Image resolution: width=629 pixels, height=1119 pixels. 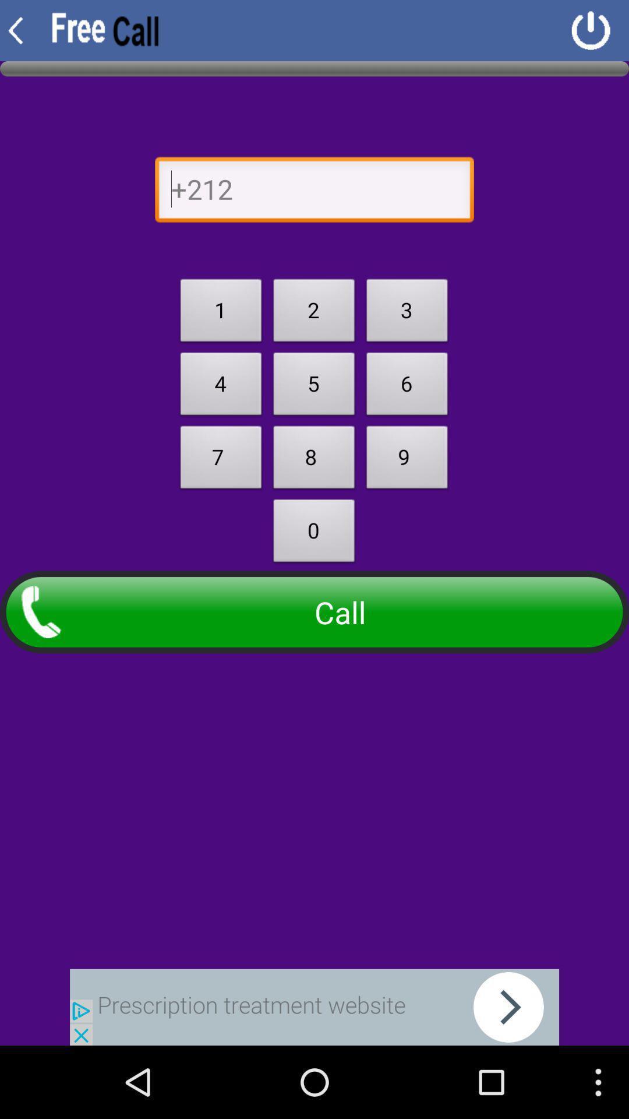 I want to click on seach, so click(x=314, y=1007).